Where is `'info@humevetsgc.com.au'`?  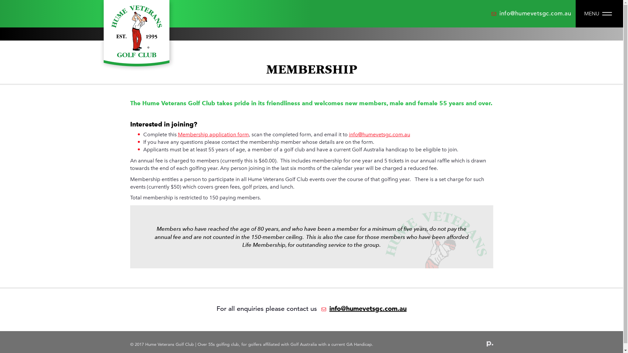 'info@humevetsgc.com.au' is located at coordinates (491, 13).